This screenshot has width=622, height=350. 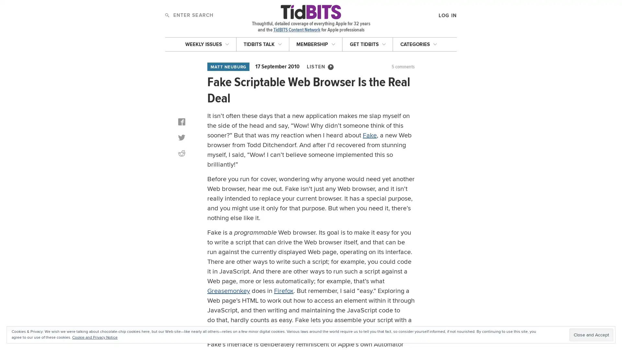 I want to click on MEMBERSHIP, so click(x=316, y=44).